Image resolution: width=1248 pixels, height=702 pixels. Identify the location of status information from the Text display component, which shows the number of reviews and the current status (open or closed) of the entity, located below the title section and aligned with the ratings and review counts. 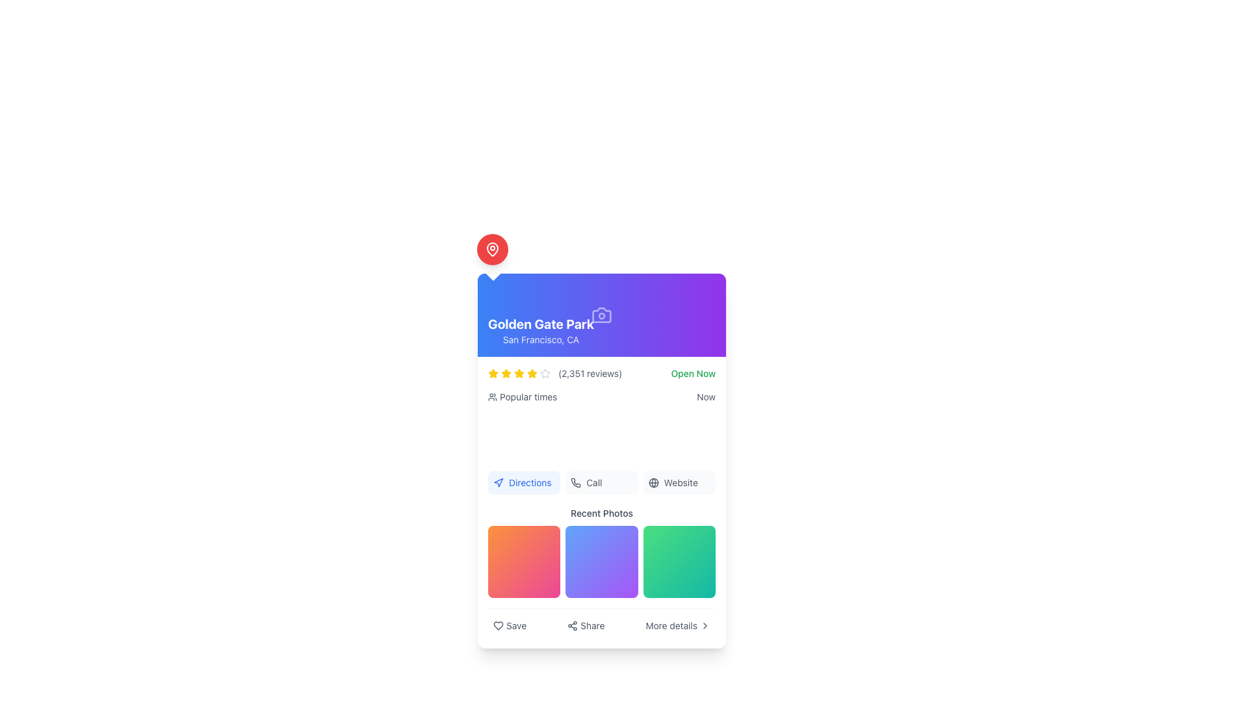
(601, 373).